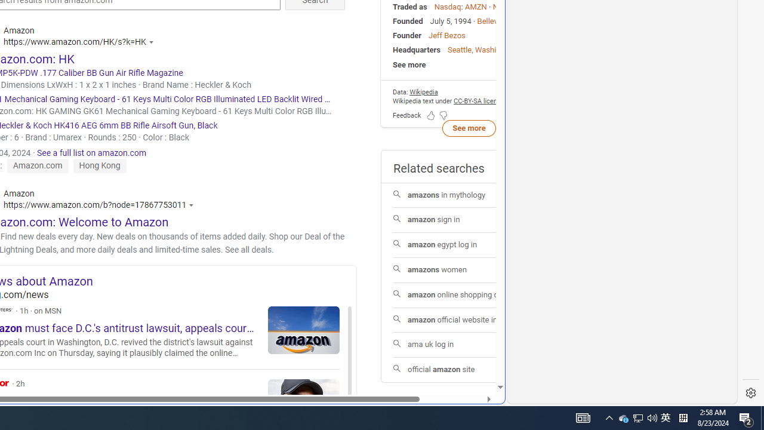 This screenshot has width=764, height=430. I want to click on 'See more', so click(468, 127).